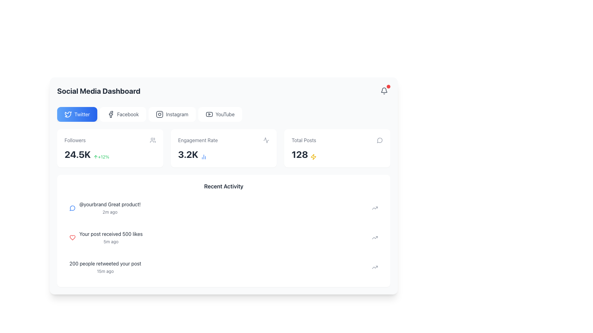  I want to click on the Instagram button, which is the third button in a horizontal row of social media buttons, located between the Facebook button on the left and the YouTube button on the right, so click(172, 114).